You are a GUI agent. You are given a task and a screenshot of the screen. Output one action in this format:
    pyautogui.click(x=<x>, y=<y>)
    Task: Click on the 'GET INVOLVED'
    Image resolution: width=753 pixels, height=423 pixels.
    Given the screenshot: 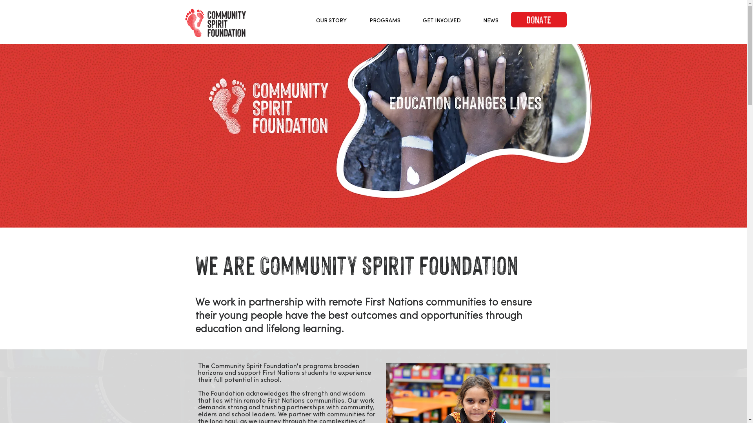 What is the action you would take?
    pyautogui.click(x=442, y=20)
    